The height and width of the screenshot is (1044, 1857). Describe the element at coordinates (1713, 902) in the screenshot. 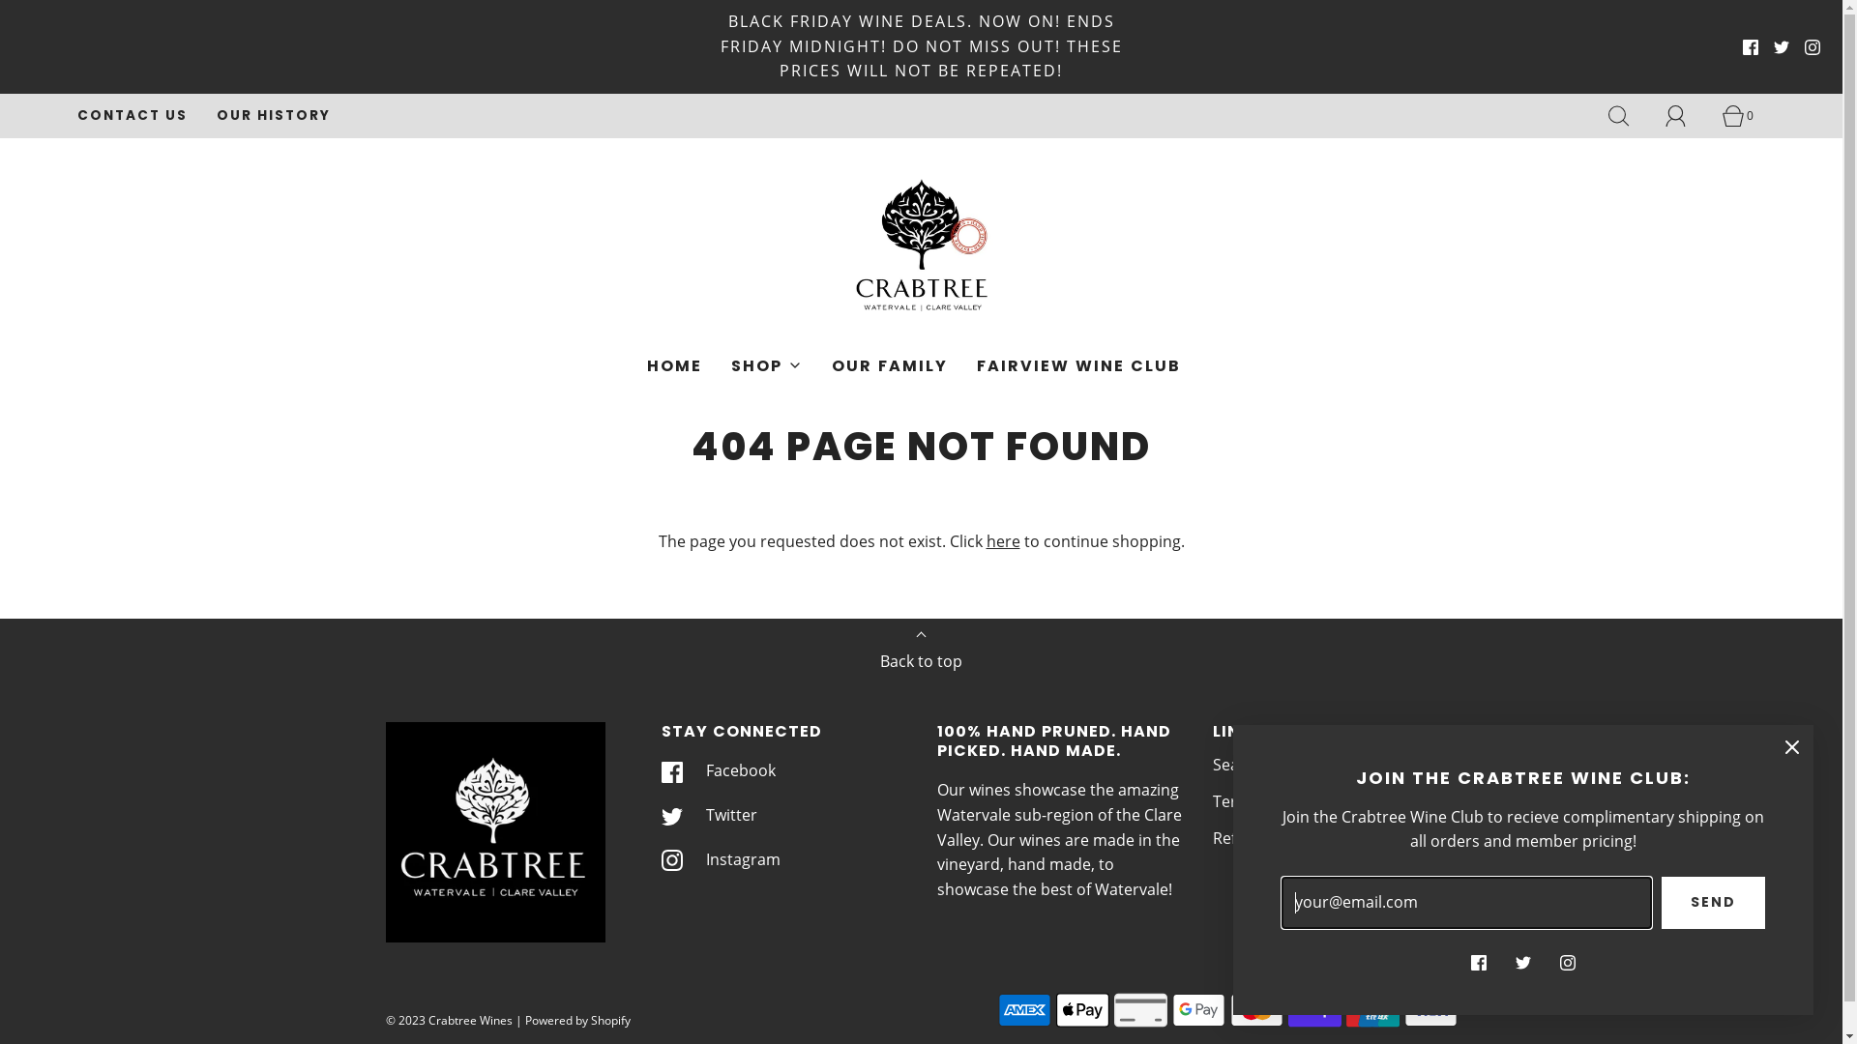

I see `'SEND'` at that location.